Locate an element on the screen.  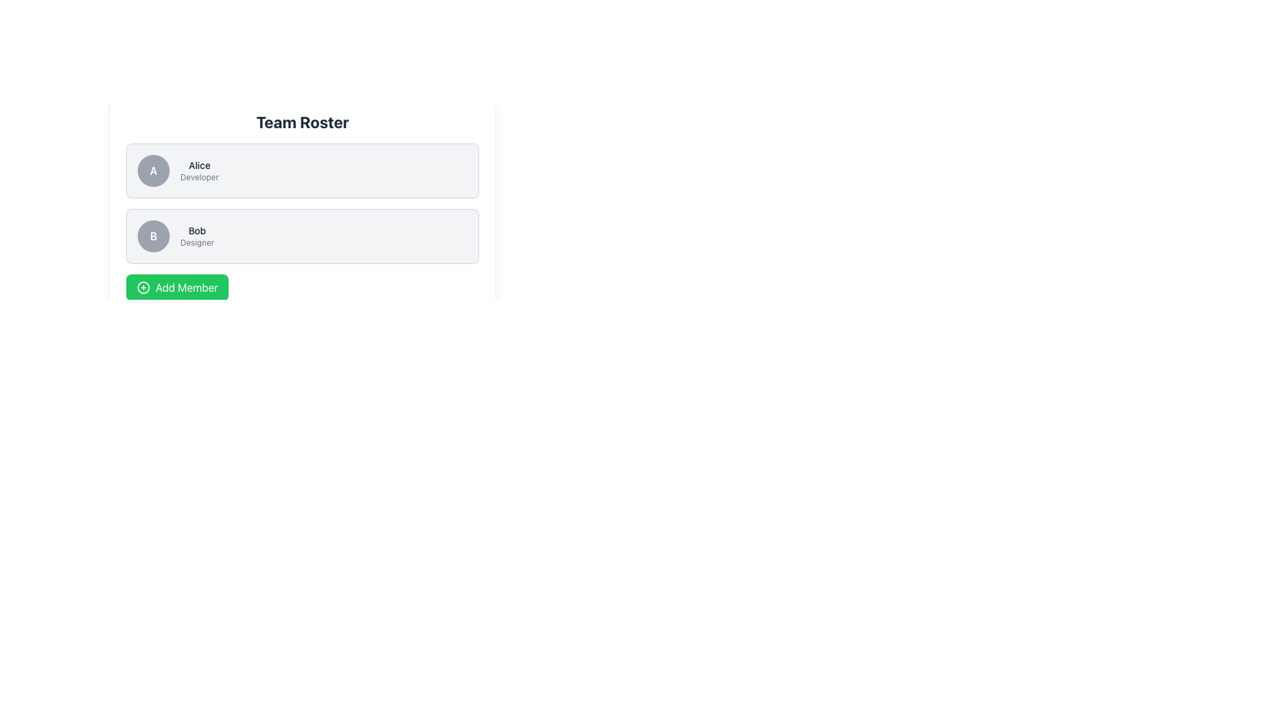
the circular icon on the left end of the 'Add Member' button, which is visually part of the button but not individually interactive is located at coordinates (144, 287).